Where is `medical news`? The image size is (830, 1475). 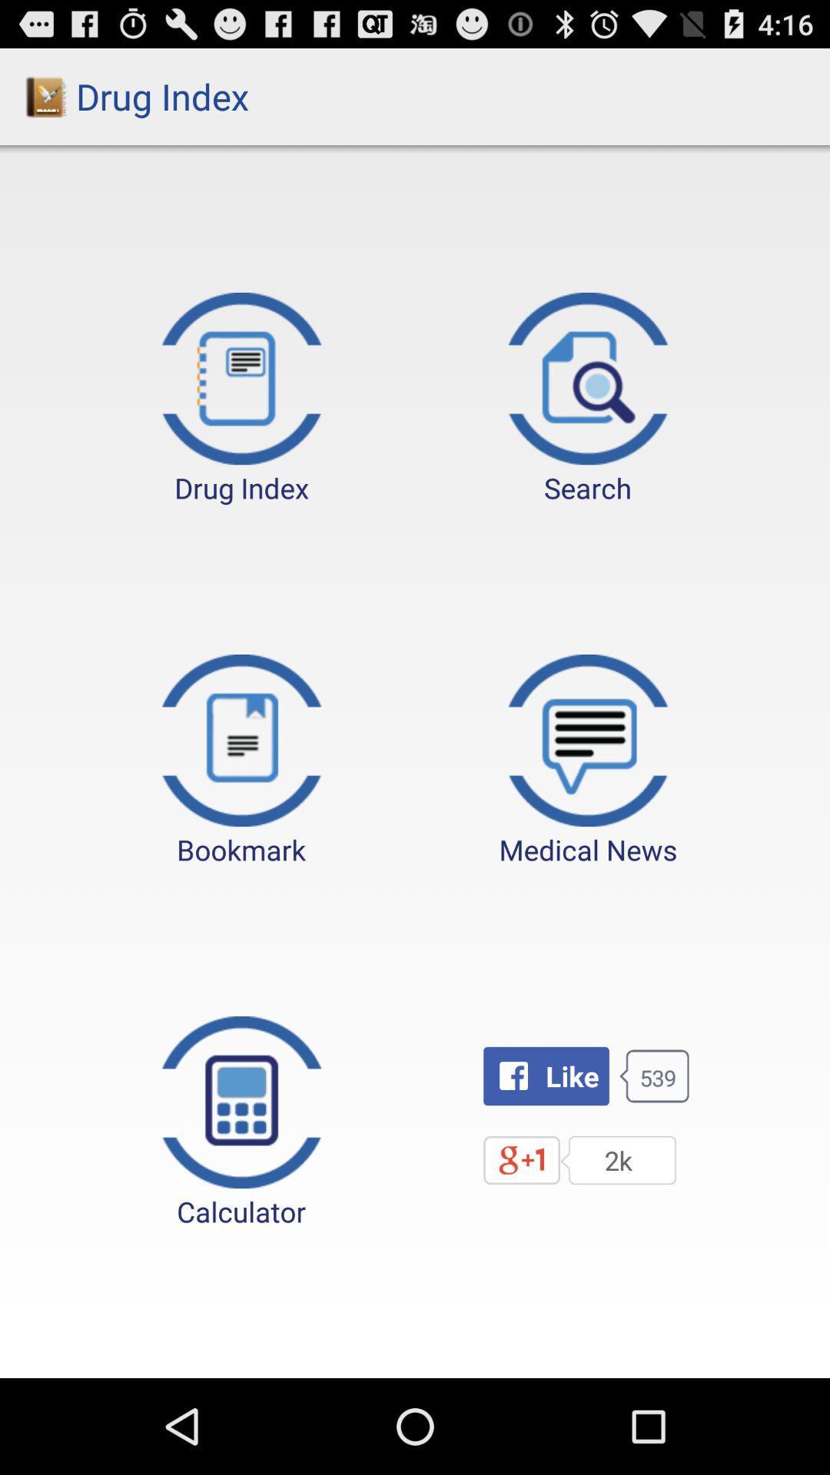 medical news is located at coordinates (588, 761).